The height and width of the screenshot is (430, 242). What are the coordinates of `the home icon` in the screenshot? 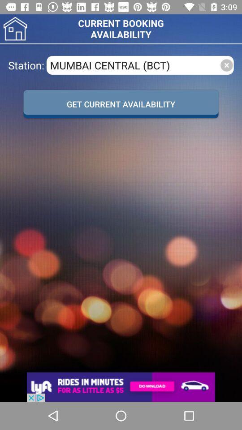 It's located at (15, 29).